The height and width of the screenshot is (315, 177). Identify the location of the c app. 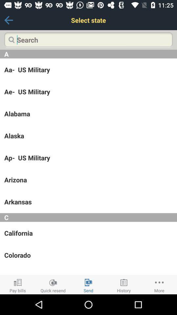
(88, 217).